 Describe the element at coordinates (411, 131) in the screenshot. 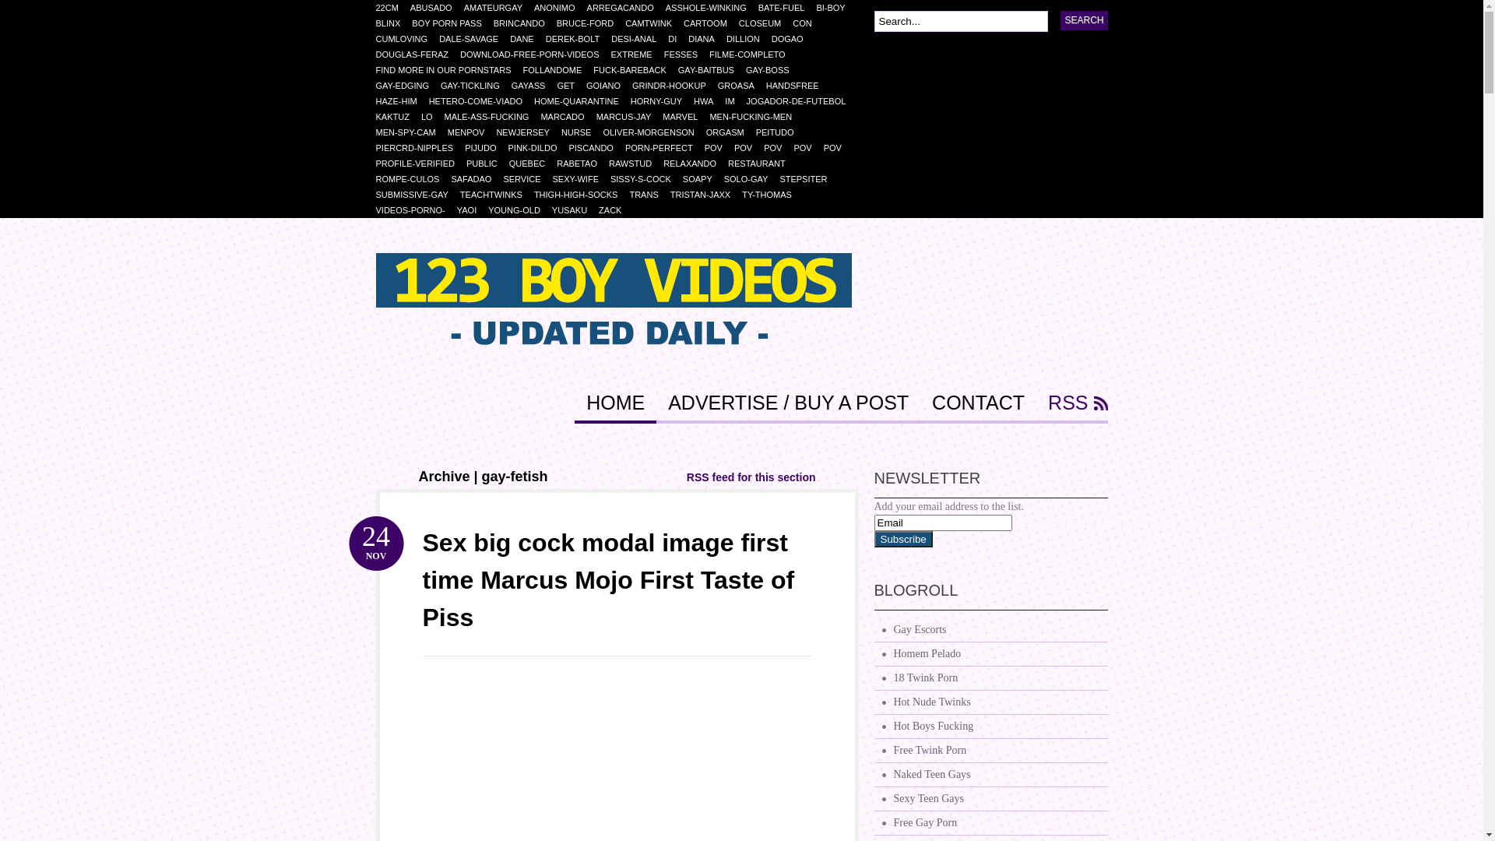

I see `'MEN-SPY-CAM'` at that location.